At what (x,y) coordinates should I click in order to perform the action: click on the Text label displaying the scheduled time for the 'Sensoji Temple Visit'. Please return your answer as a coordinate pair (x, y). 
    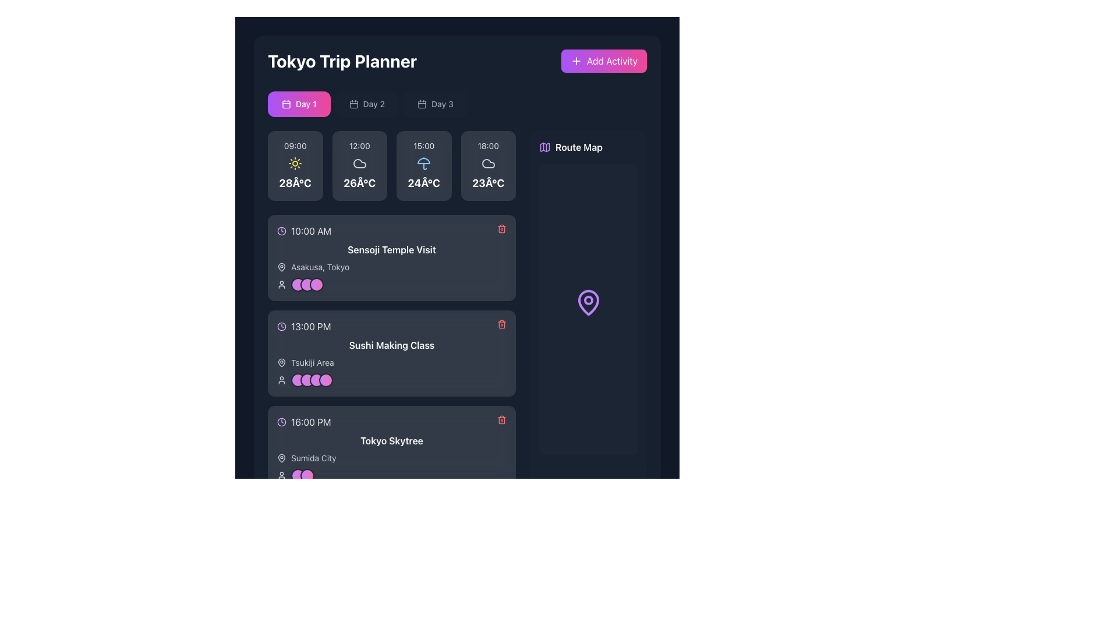
    Looking at the image, I should click on (311, 231).